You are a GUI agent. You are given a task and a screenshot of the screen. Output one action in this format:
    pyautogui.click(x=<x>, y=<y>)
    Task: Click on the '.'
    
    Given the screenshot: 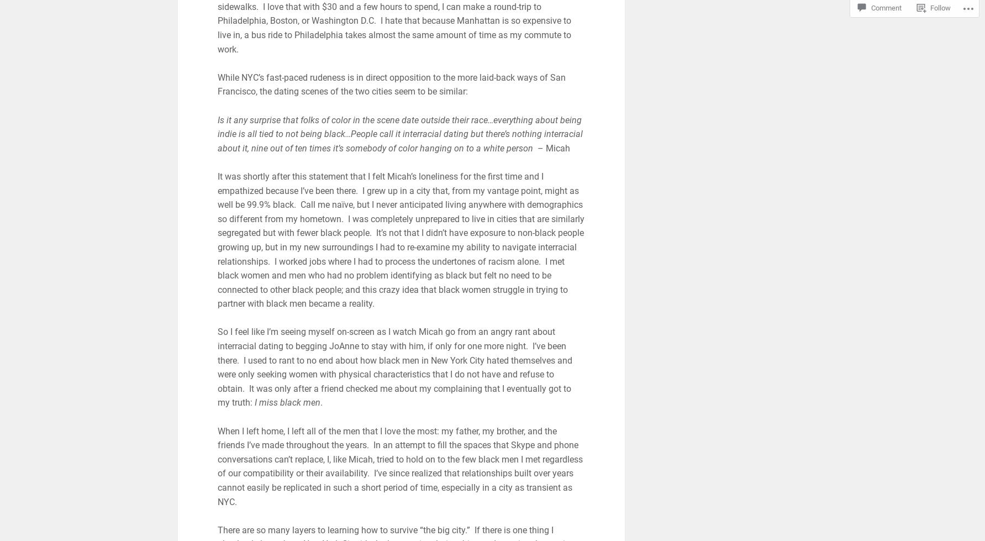 What is the action you would take?
    pyautogui.click(x=319, y=402)
    